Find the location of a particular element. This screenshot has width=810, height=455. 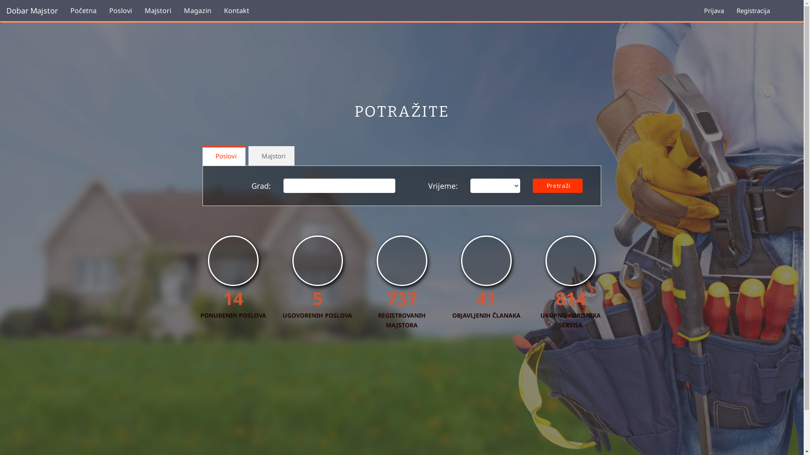

'Magazin' is located at coordinates (197, 10).